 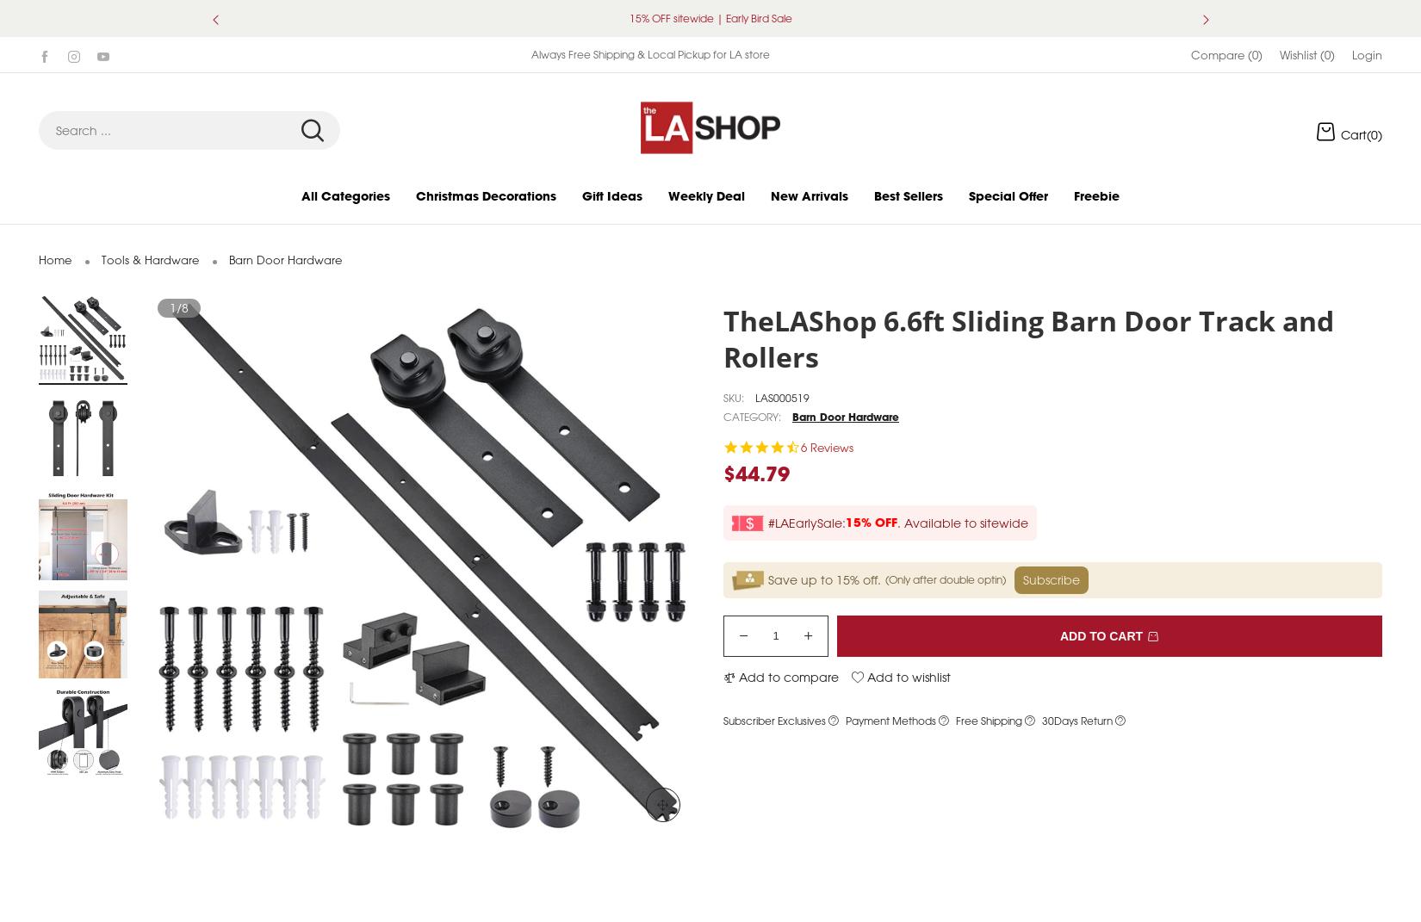 I want to click on 'All Categories', so click(x=345, y=214).